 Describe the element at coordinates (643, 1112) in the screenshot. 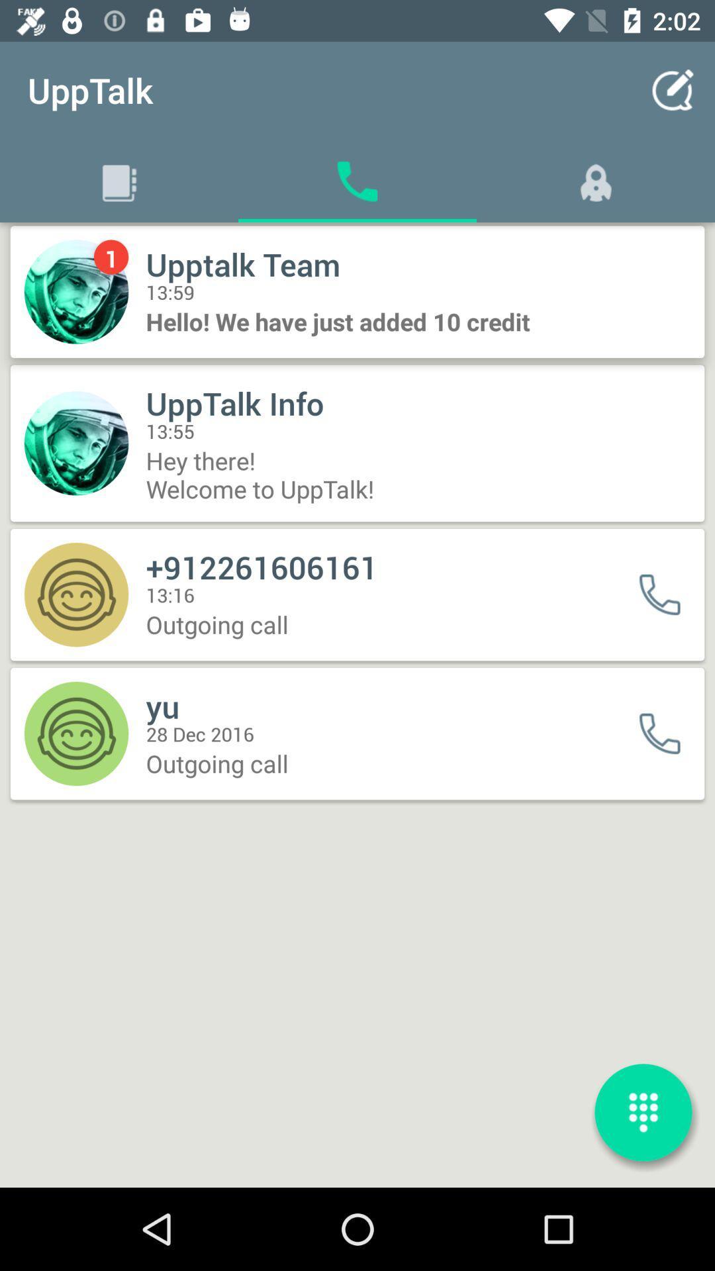

I see `the dialpad icon` at that location.